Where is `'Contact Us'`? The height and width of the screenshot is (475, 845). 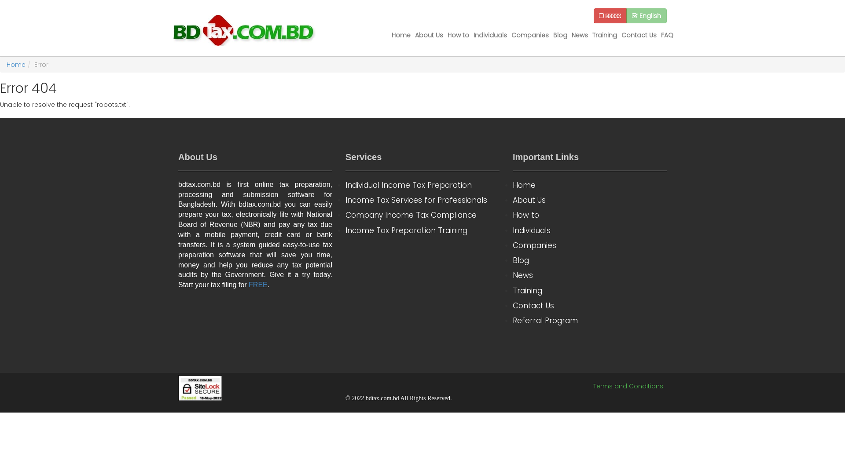 'Contact Us' is located at coordinates (639, 35).